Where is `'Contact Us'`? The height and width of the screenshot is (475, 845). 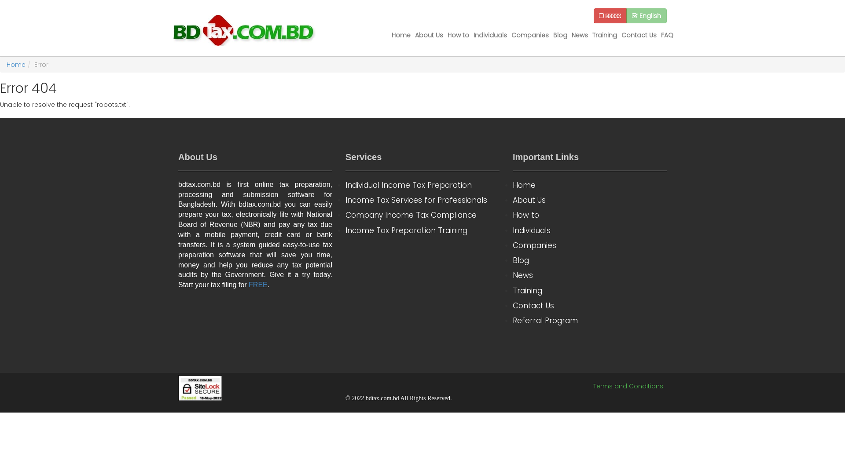 'Contact Us' is located at coordinates (639, 35).